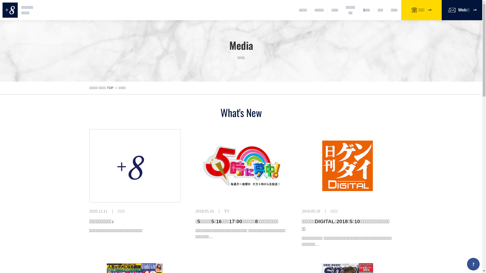 The width and height of the screenshot is (486, 273). I want to click on 'TV', so click(227, 211).